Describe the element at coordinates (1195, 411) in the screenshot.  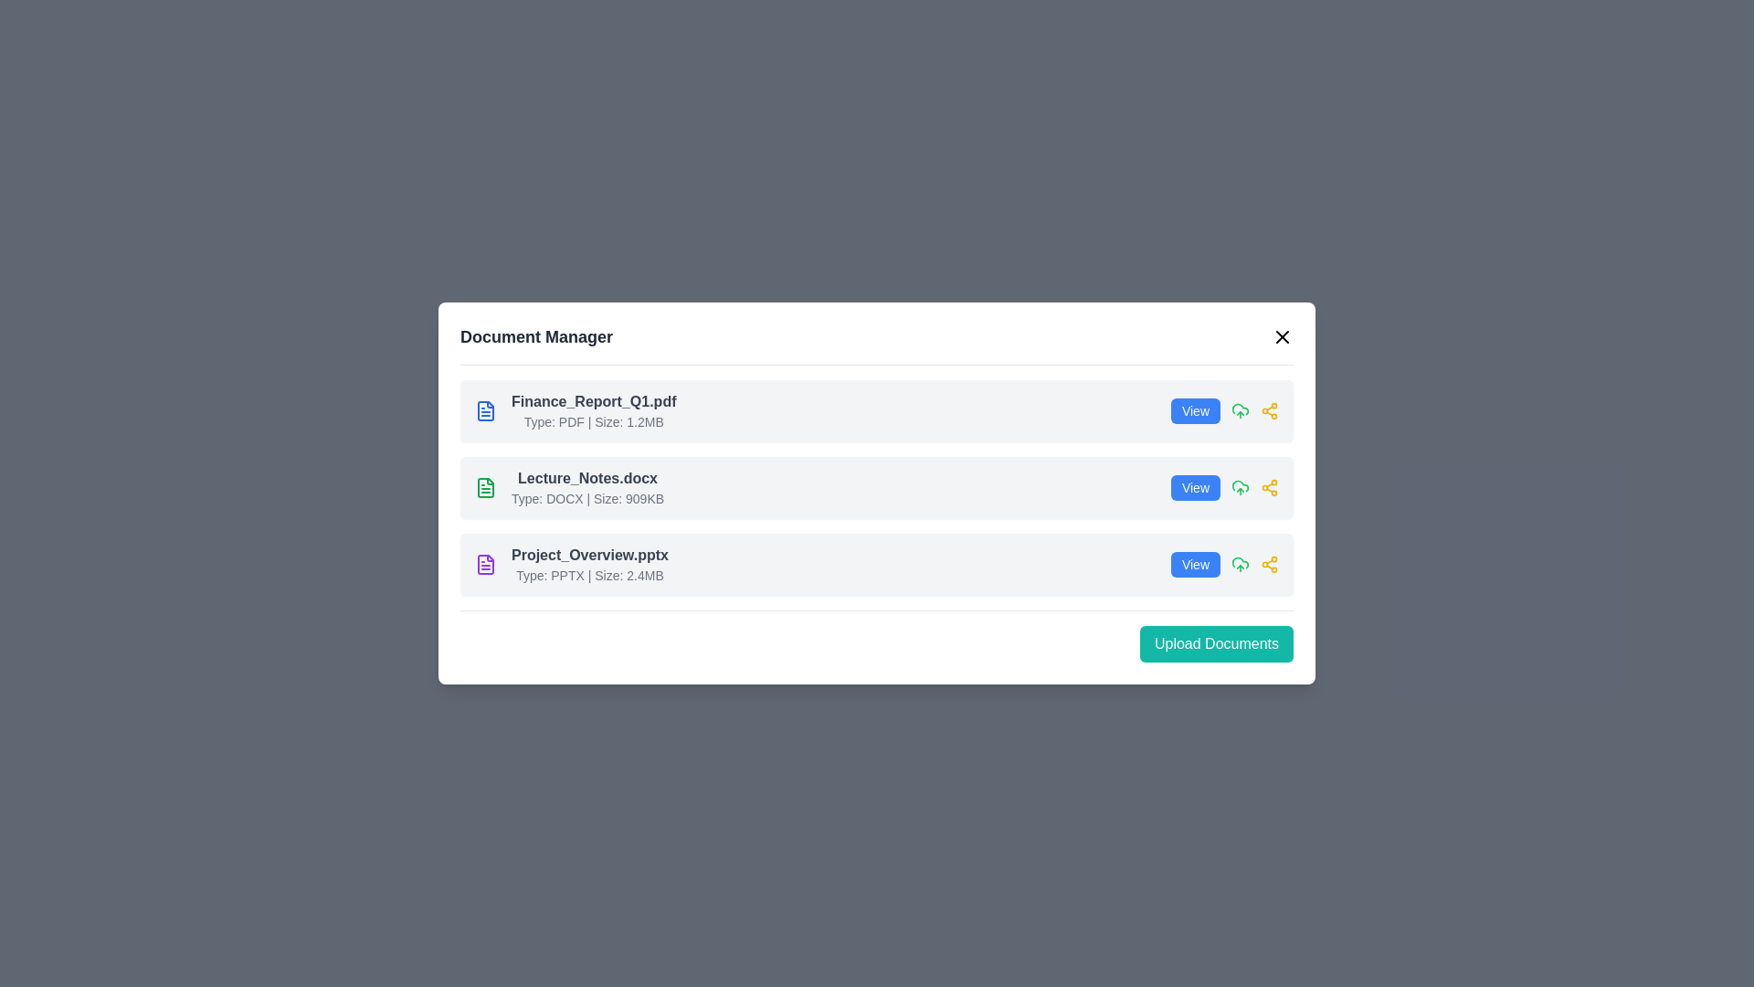
I see `the first button in the horizontal group` at that location.